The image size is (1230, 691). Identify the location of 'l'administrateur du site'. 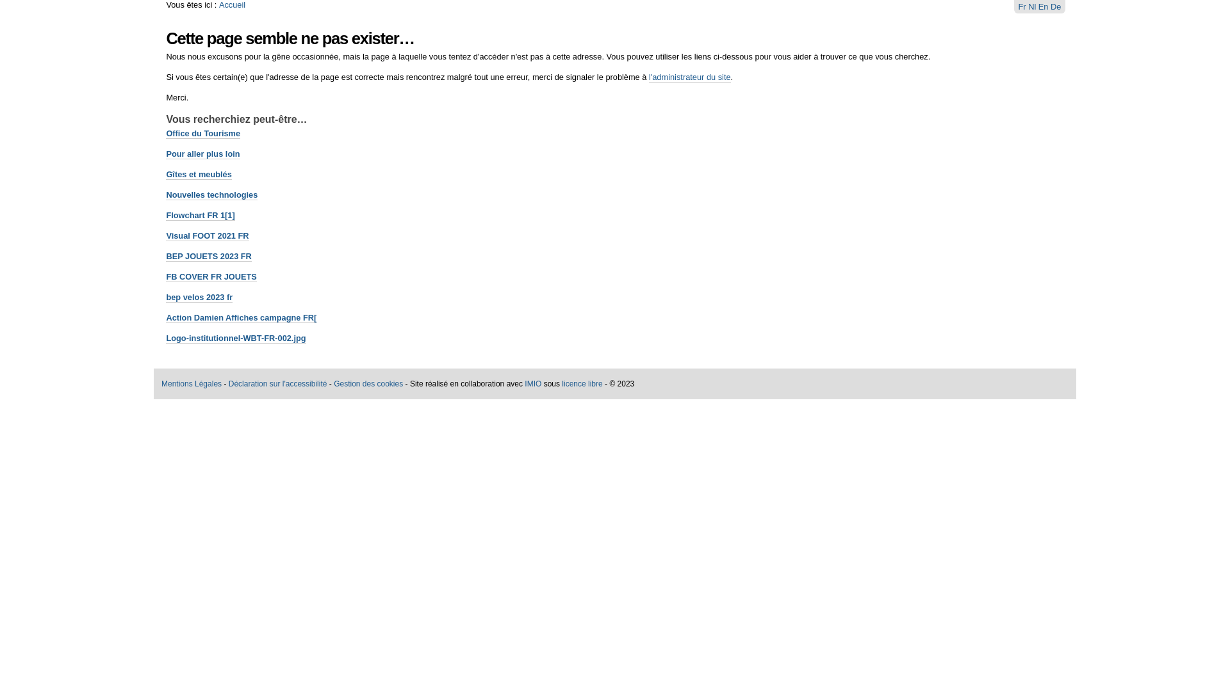
(689, 77).